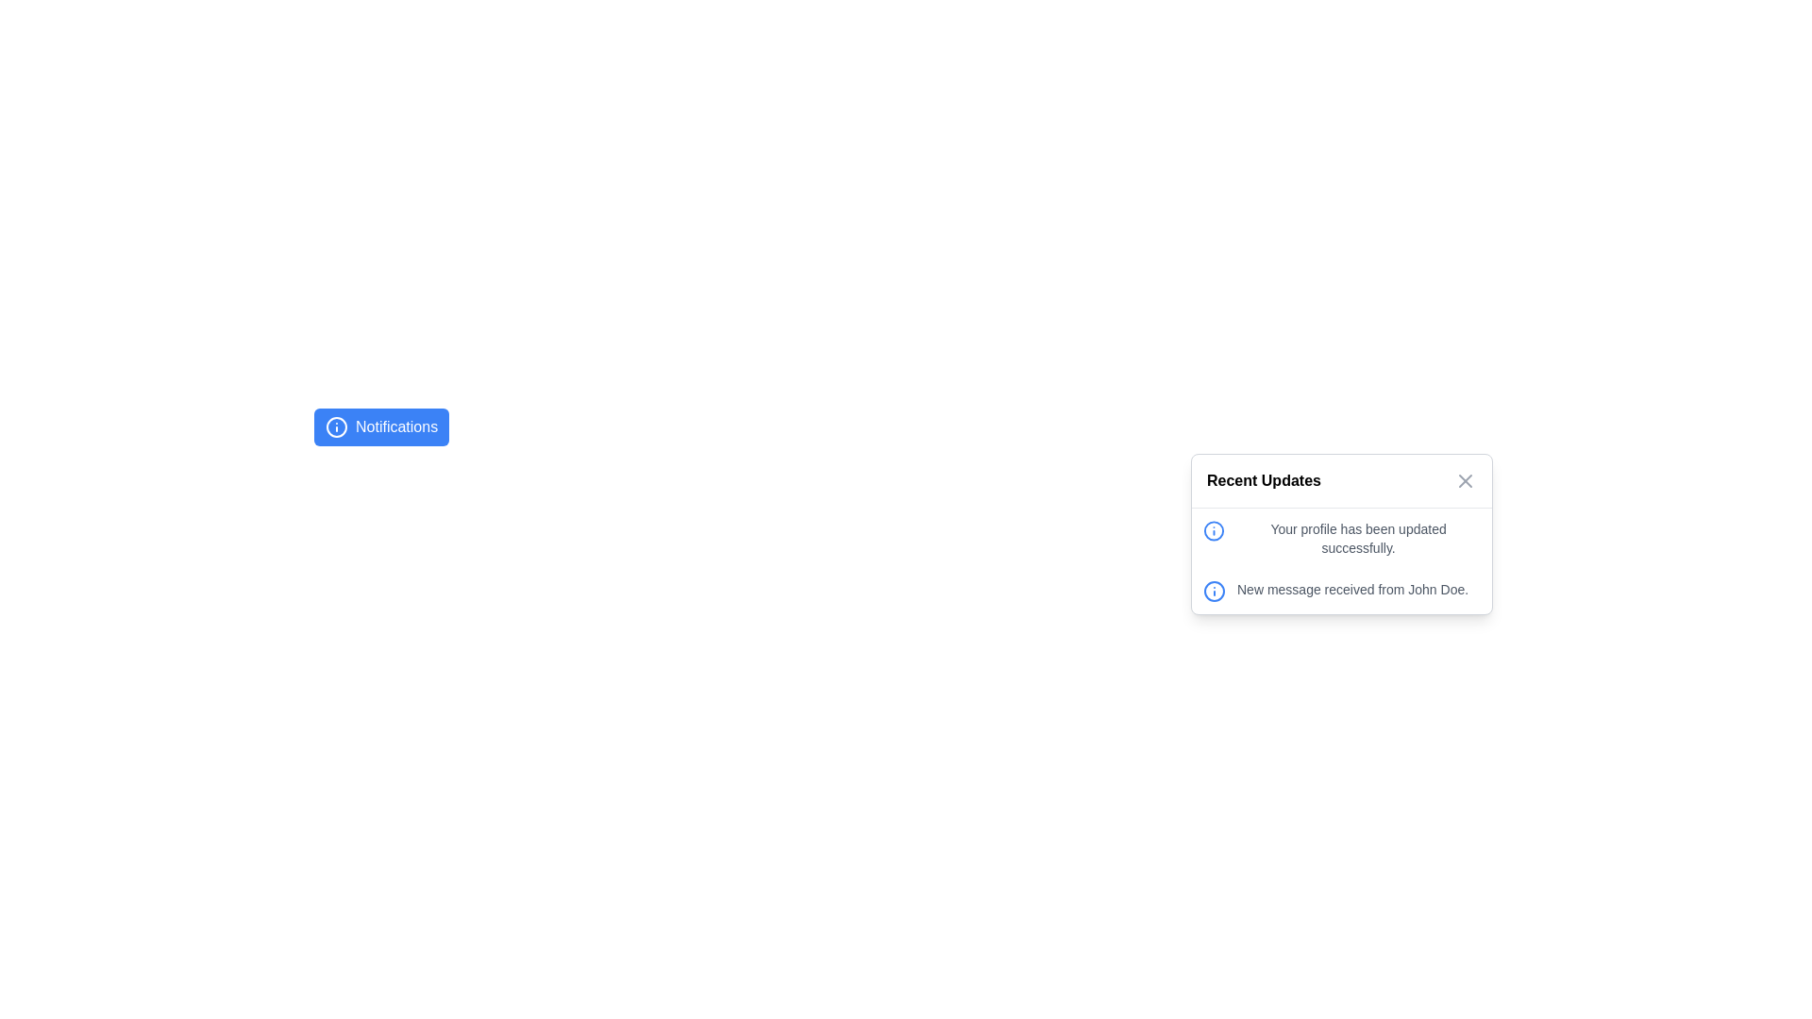  Describe the element at coordinates (1465, 479) in the screenshot. I see `the gray stylized cross ('X') icon button located in the top-right corner of the 'Recent Updates' section to change its color` at that location.